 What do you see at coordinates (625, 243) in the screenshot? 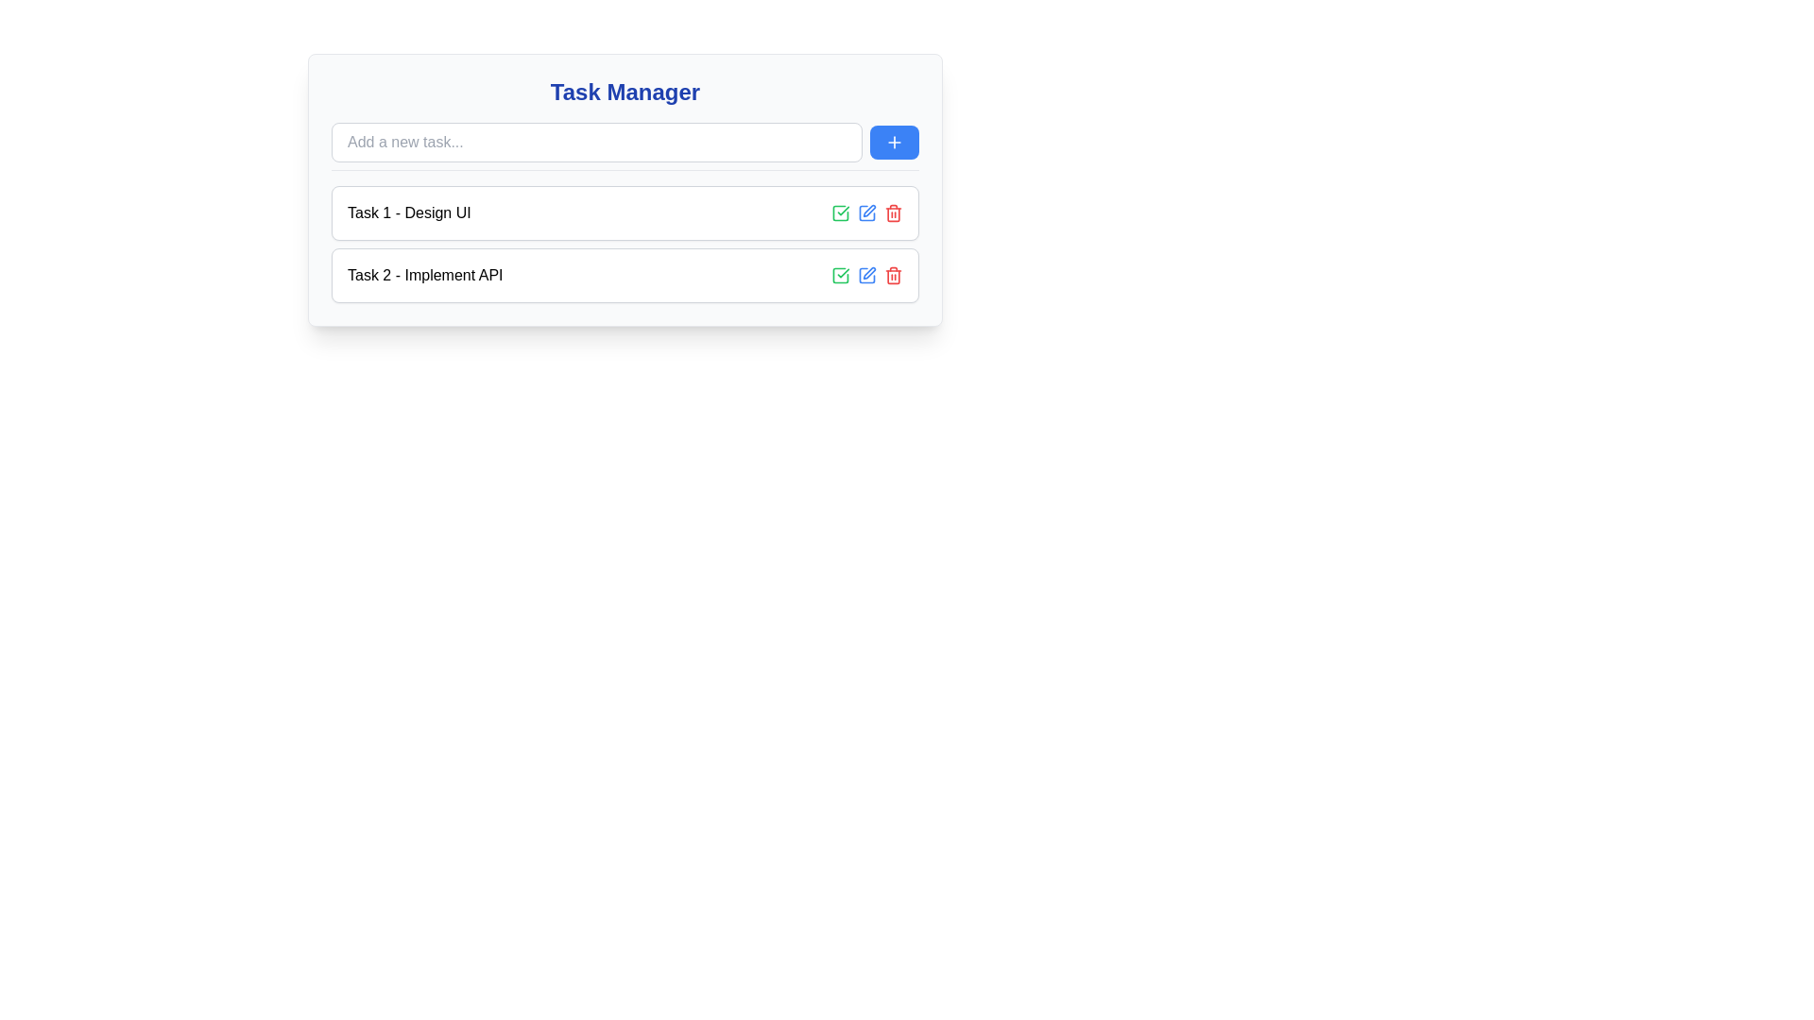
I see `the second task item in the Task Manager section` at bounding box center [625, 243].